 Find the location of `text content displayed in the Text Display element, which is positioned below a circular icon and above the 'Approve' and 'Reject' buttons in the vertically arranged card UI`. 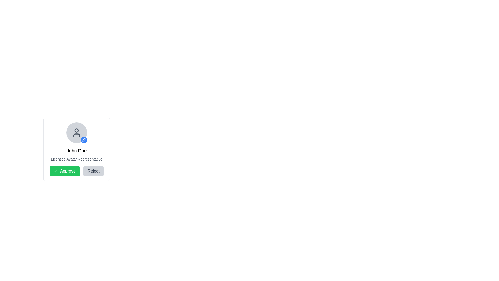

text content displayed in the Text Display element, which is positioned below a circular icon and above the 'Approve' and 'Reject' buttons in the vertically arranged card UI is located at coordinates (76, 154).